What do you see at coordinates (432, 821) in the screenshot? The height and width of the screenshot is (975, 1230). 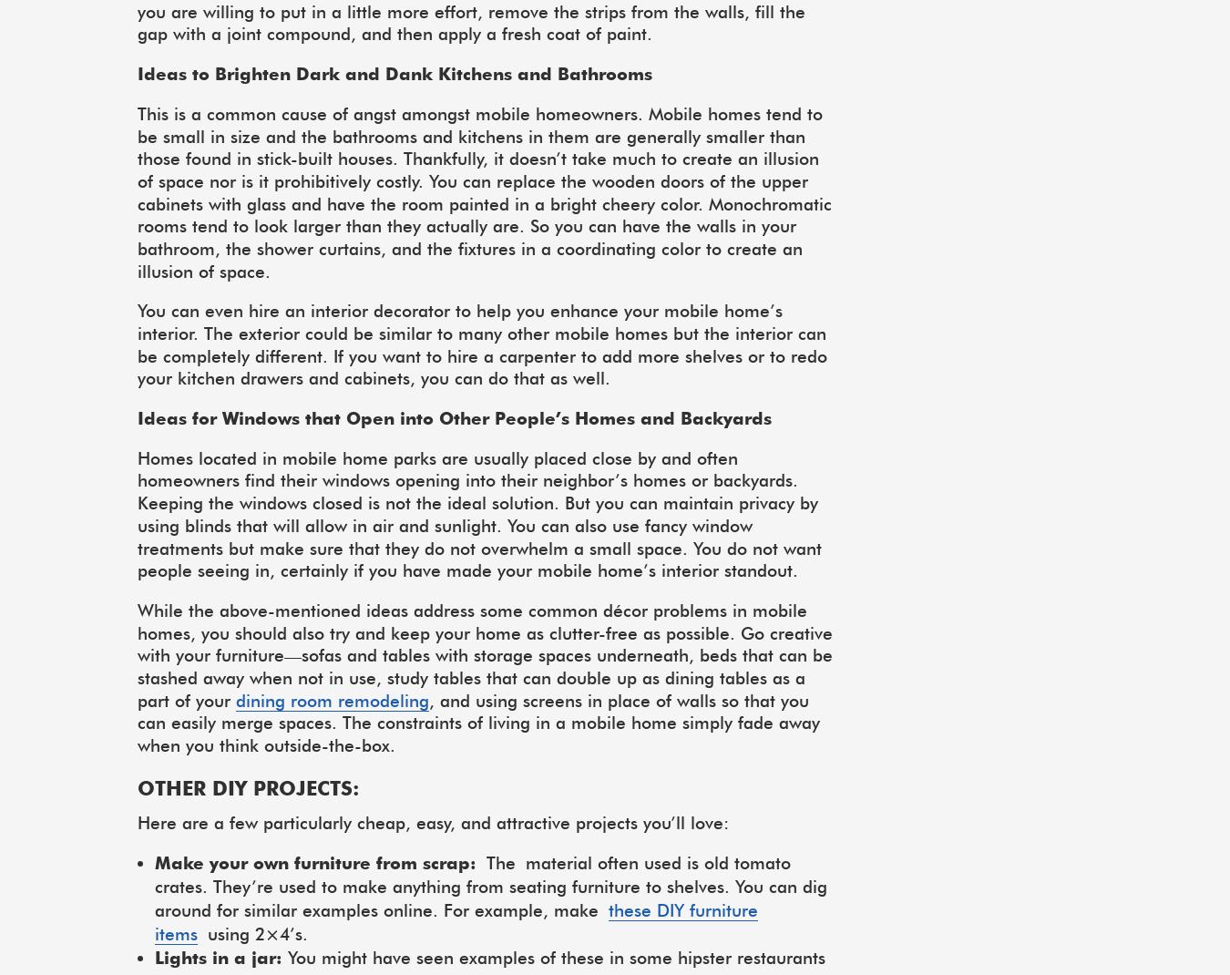 I see `'Here are a few particularly cheap, easy, and attractive projects you’ll love:'` at bounding box center [432, 821].